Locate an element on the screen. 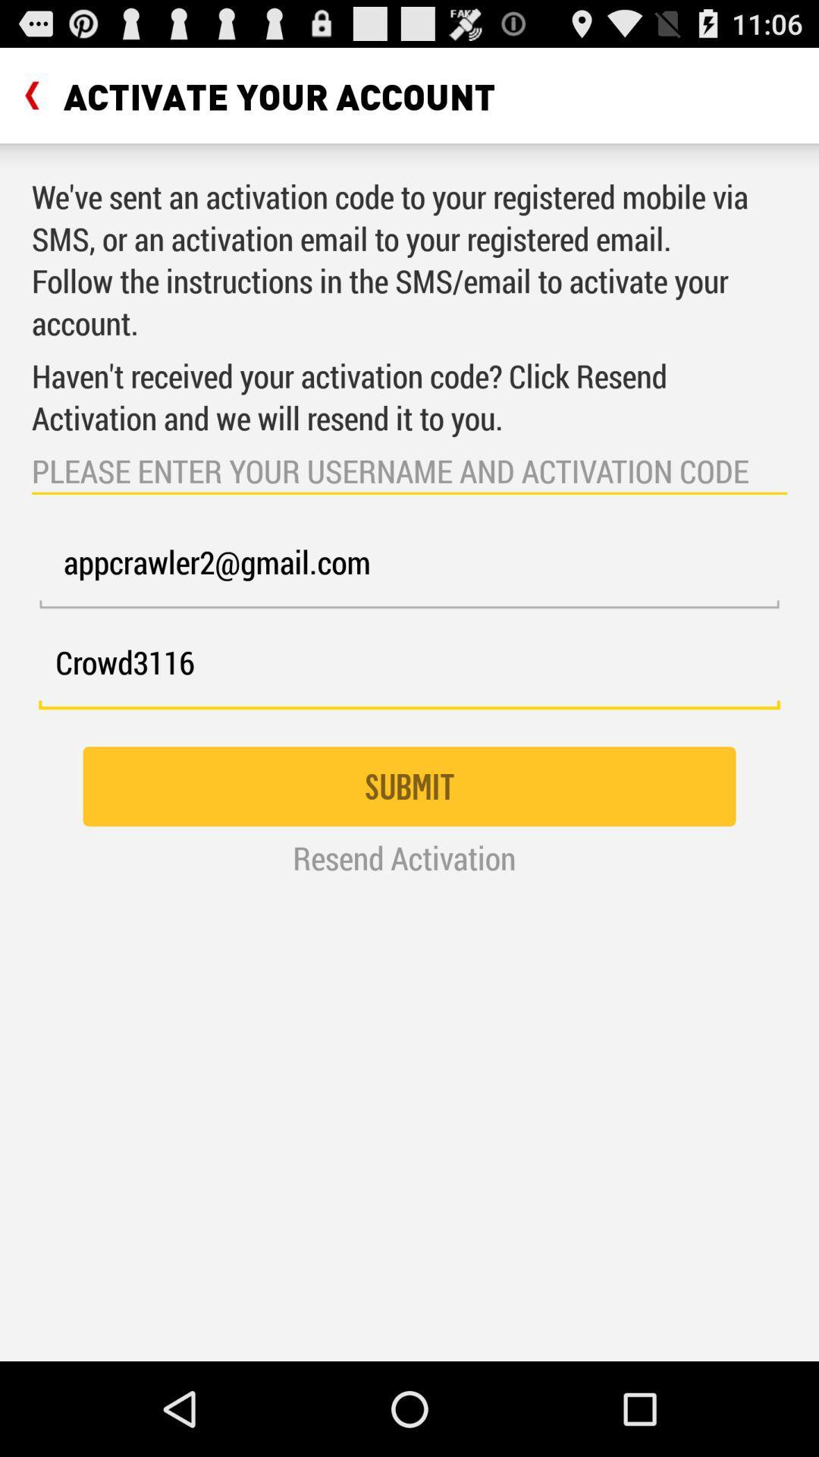 Image resolution: width=819 pixels, height=1457 pixels. icon above resend activation item is located at coordinates (409, 786).